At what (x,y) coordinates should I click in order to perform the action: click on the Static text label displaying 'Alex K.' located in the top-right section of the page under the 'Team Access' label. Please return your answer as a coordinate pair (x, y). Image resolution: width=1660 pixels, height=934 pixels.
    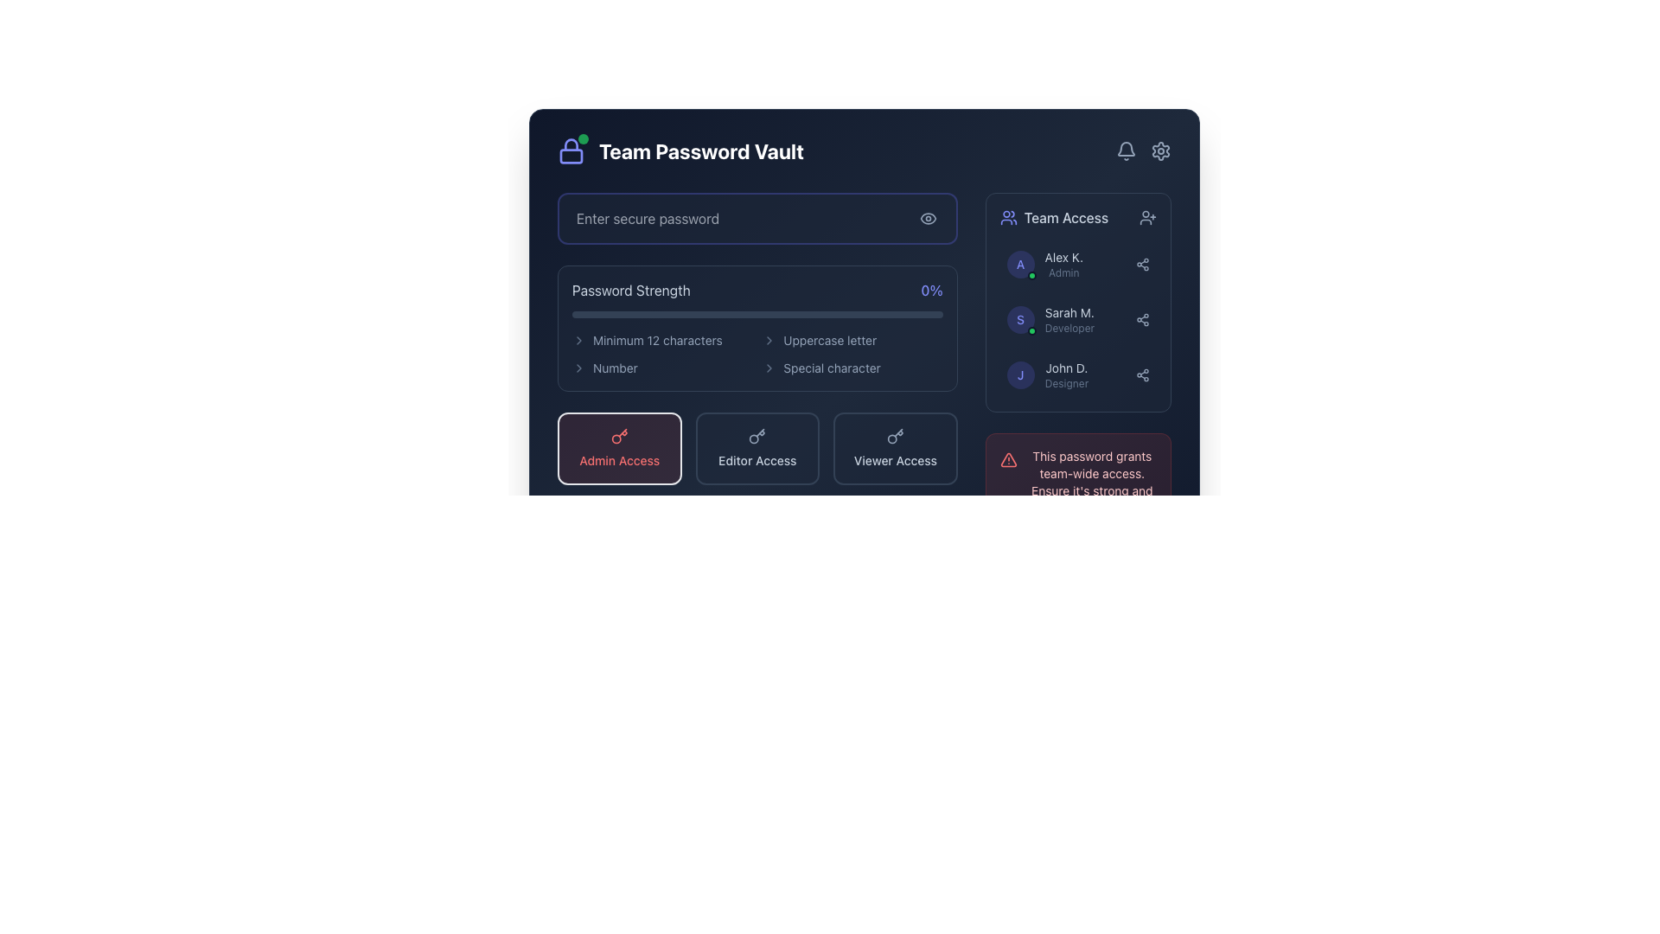
    Looking at the image, I should click on (1063, 257).